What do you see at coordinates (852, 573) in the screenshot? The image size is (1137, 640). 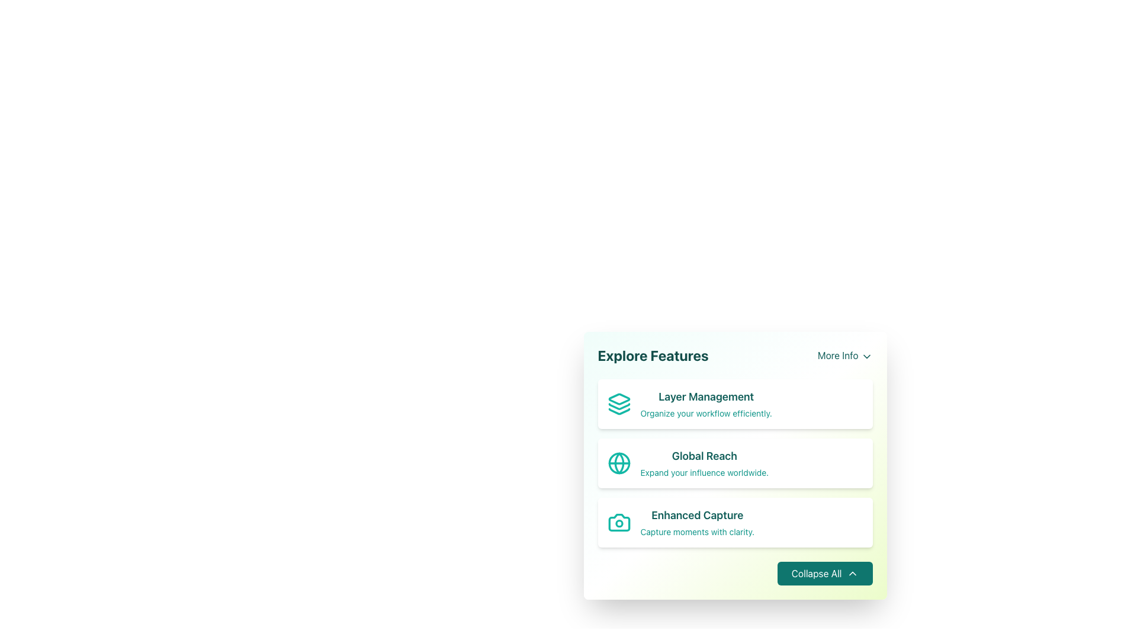 I see `the upward pointing chevron icon located to the right of the 'Collapse All' button` at bounding box center [852, 573].